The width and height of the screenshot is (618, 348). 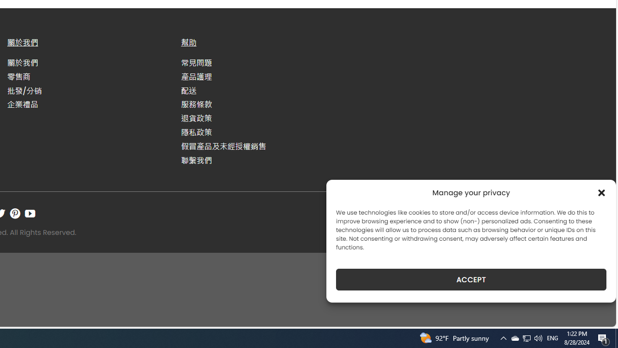 What do you see at coordinates (15, 213) in the screenshot?
I see `'Follow on Pinterest'` at bounding box center [15, 213].